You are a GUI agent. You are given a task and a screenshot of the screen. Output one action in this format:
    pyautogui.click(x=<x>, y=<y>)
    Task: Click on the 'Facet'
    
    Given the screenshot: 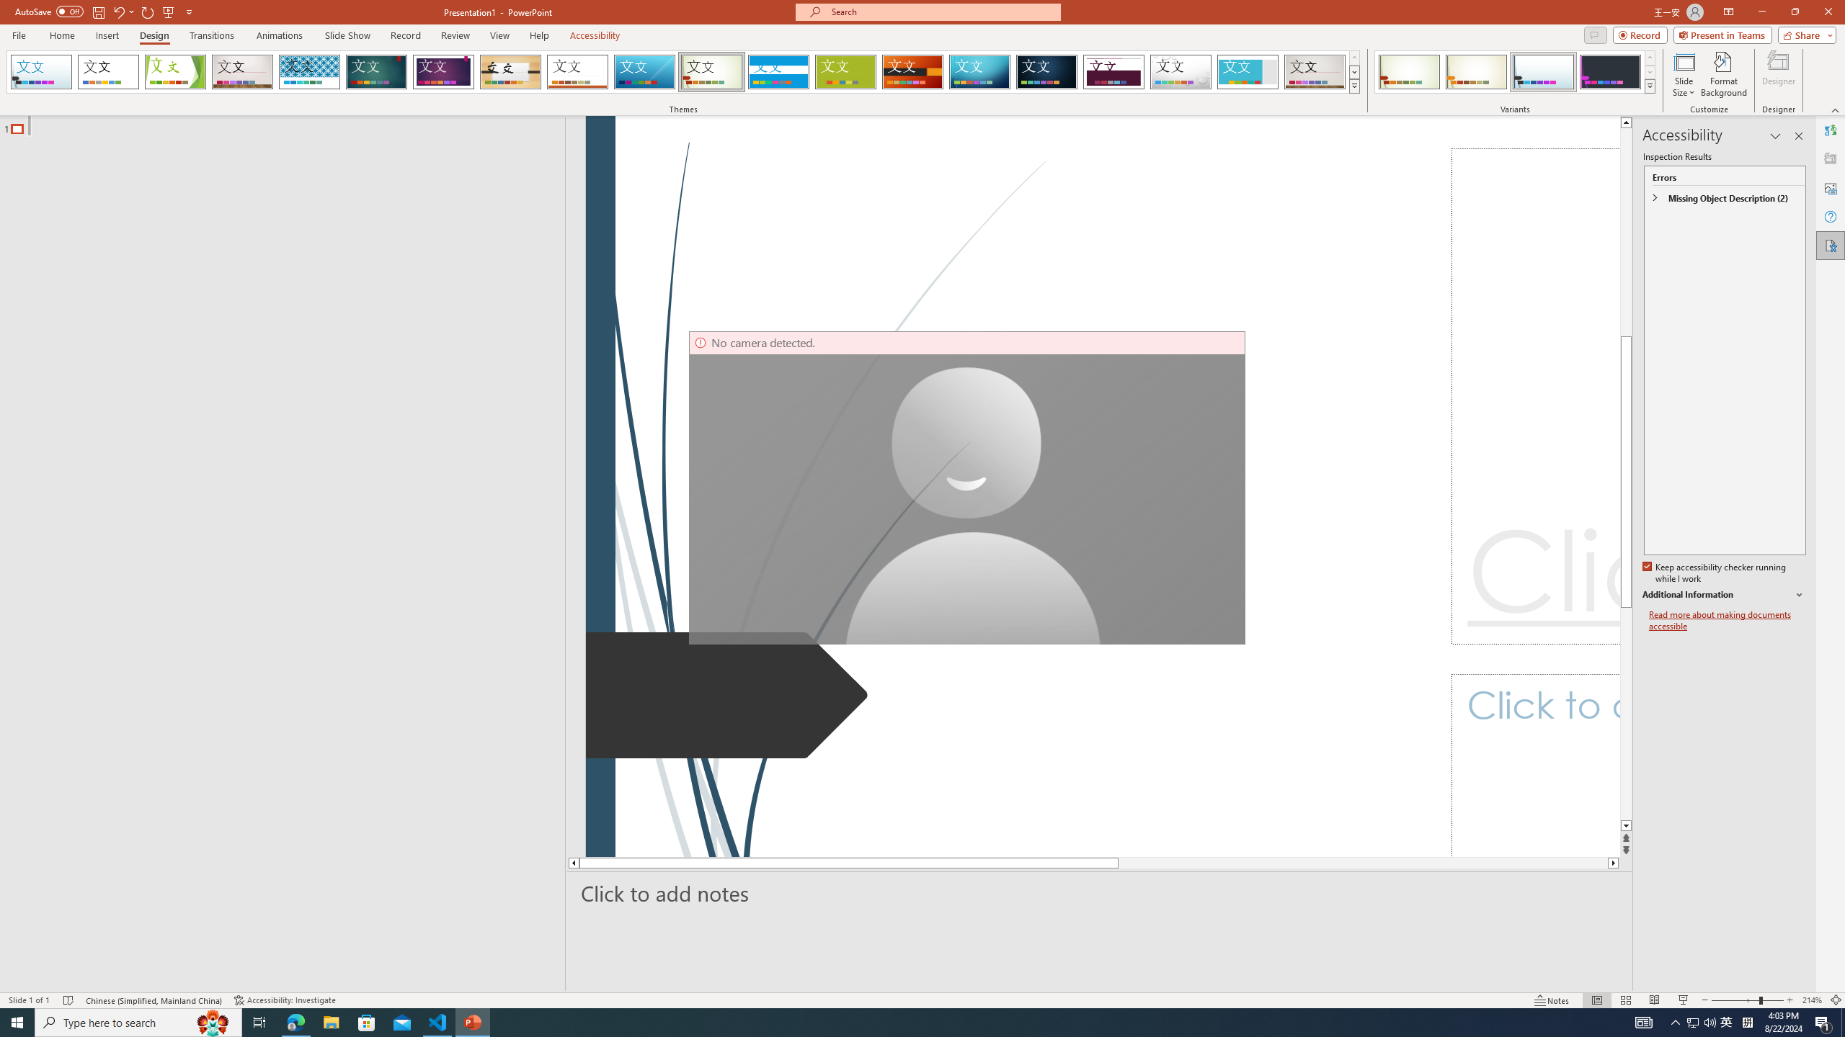 What is the action you would take?
    pyautogui.click(x=174, y=71)
    